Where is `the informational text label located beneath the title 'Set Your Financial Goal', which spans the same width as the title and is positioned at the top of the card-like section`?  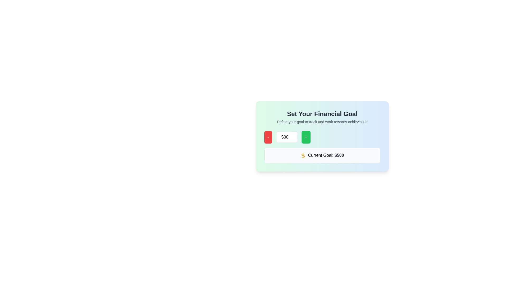 the informational text label located beneath the title 'Set Your Financial Goal', which spans the same width as the title and is positioned at the top of the card-like section is located at coordinates (322, 122).